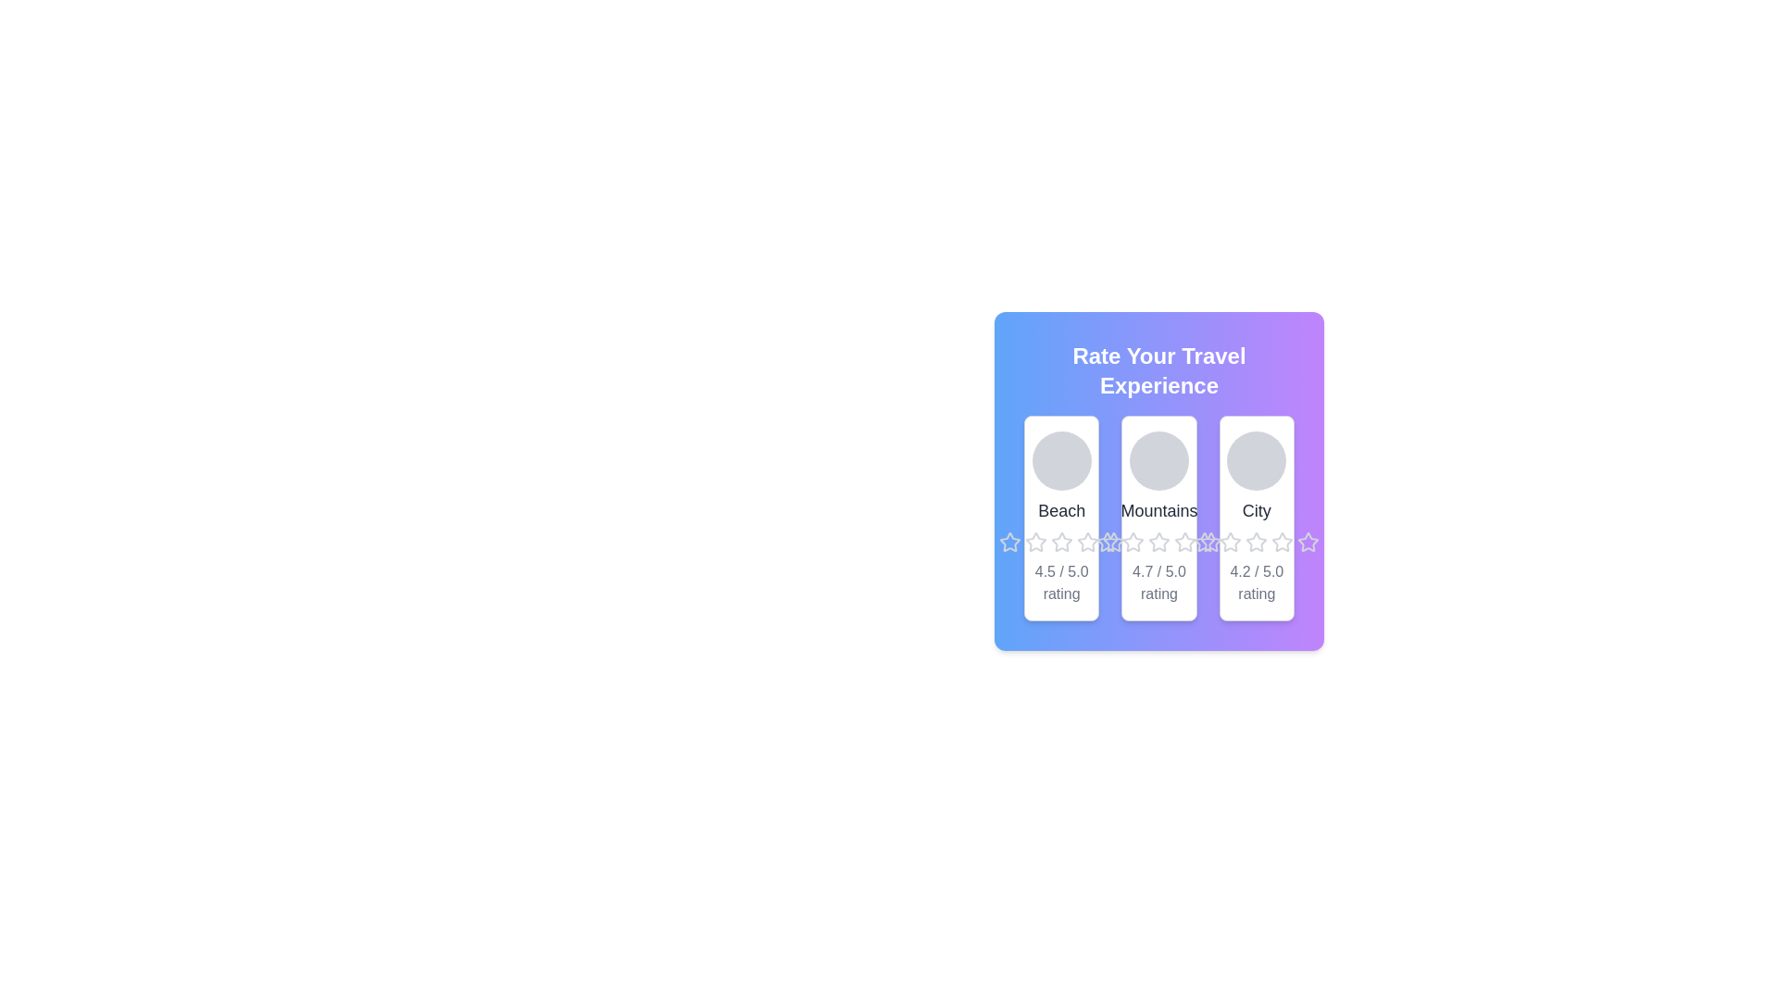 This screenshot has height=1000, width=1778. Describe the element at coordinates (1008, 542) in the screenshot. I see `the leftmost star-shaped icon in the rating system under the 'Beach' rating card to interact with the rating mechanism` at that location.